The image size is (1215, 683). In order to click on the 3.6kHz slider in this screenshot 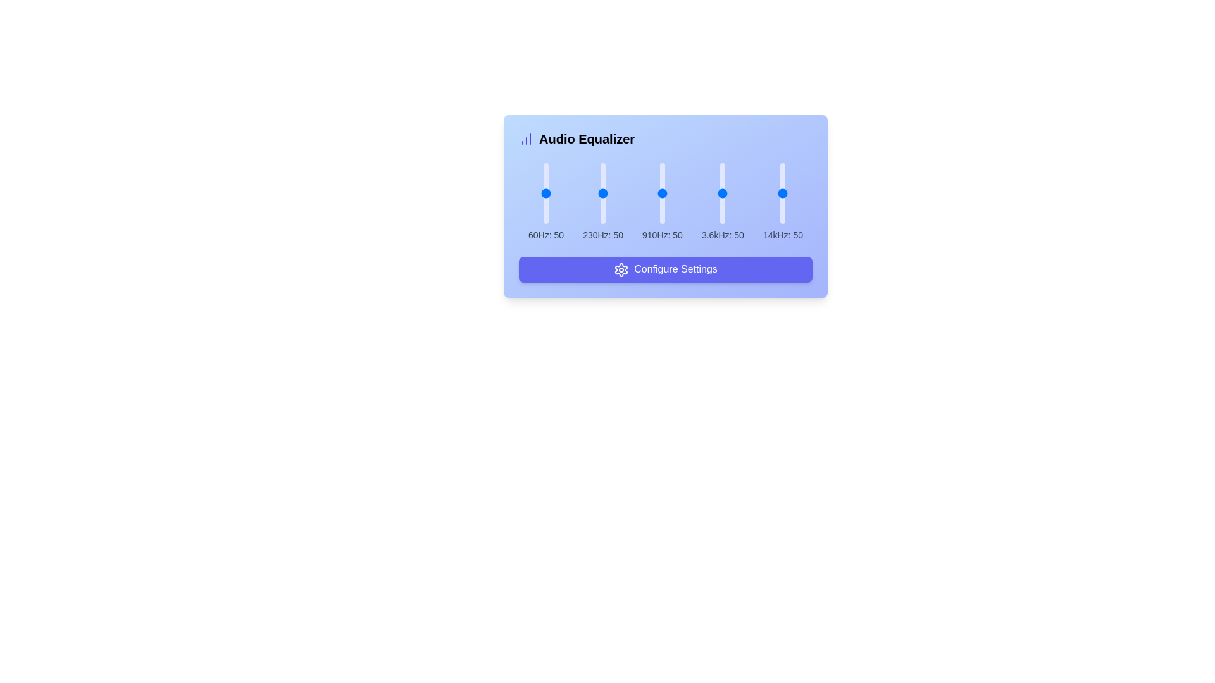, I will do `click(723, 183)`.